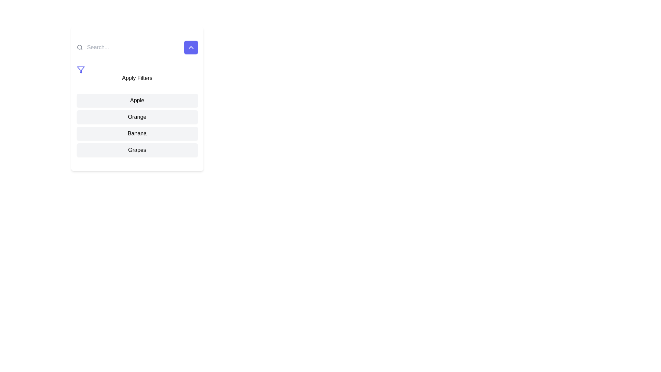 Image resolution: width=661 pixels, height=372 pixels. Describe the element at coordinates (137, 134) in the screenshot. I see `the 'Banana' button, which is the third item in a vertical list of filter option buttons` at that location.